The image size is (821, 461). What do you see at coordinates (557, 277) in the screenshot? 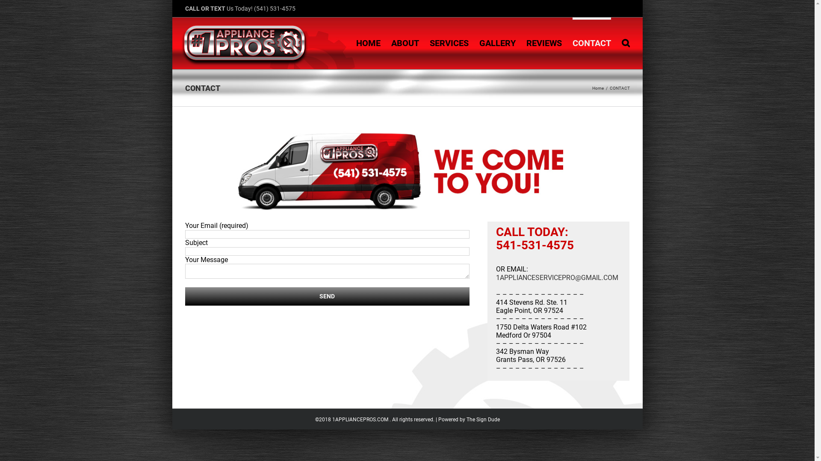
I see `'1APPLIANCESERVICEPRO@GMAIL.COM'` at bounding box center [557, 277].